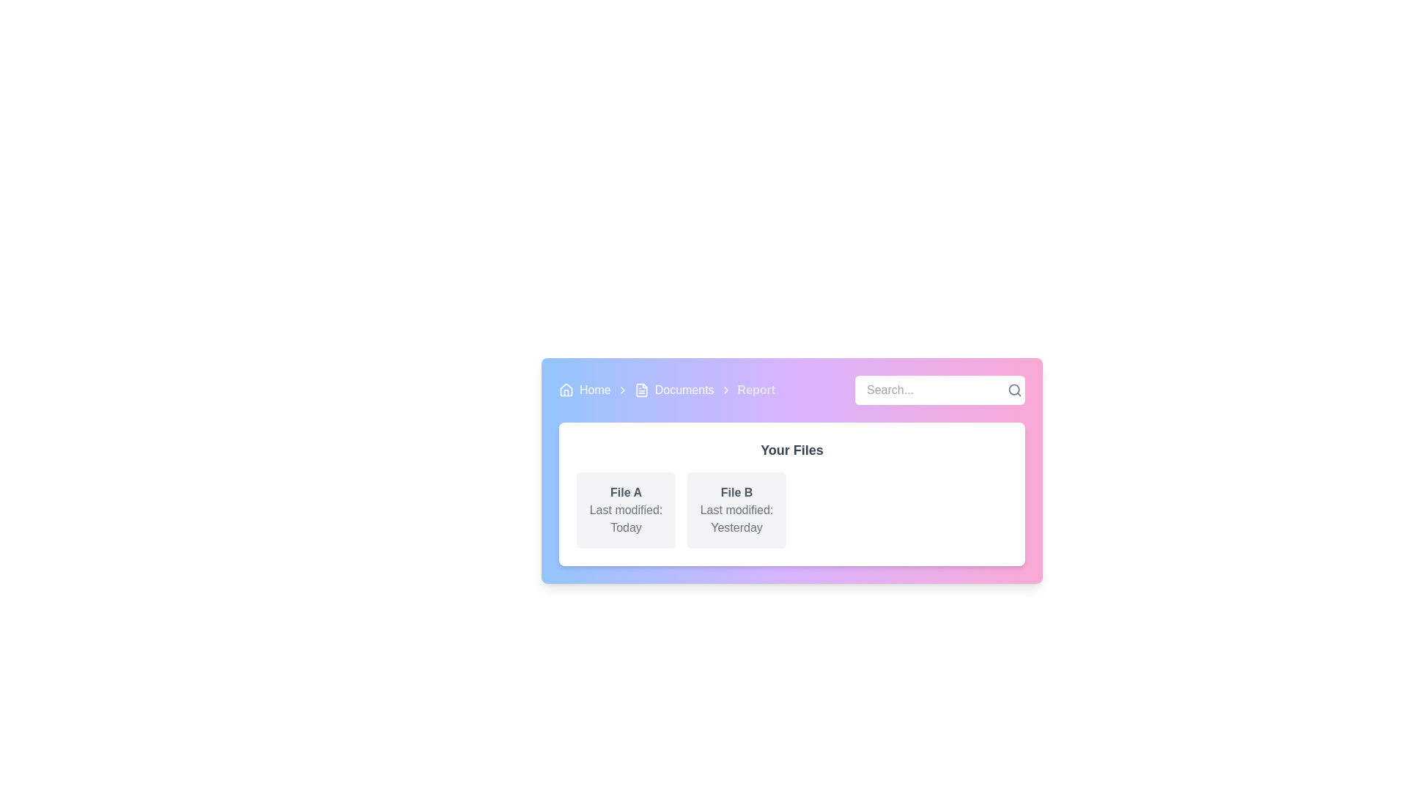 Image resolution: width=1407 pixels, height=791 pixels. Describe the element at coordinates (736, 510) in the screenshot. I see `the Card-like file information panel displaying 'File B' in the 'Your Files' section, which is the second item in the right column of a 2-column grid` at that location.